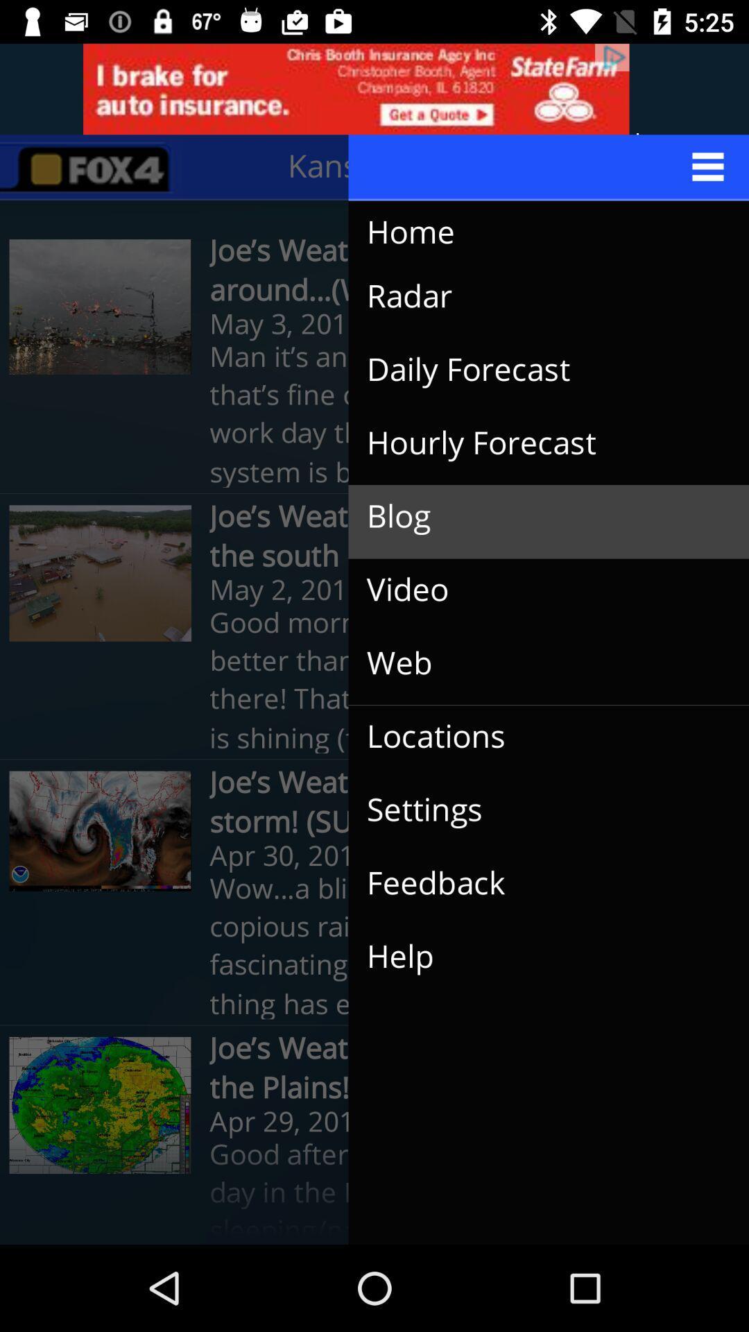 The image size is (749, 1332). Describe the element at coordinates (374, 88) in the screenshot. I see `open advertisement` at that location.